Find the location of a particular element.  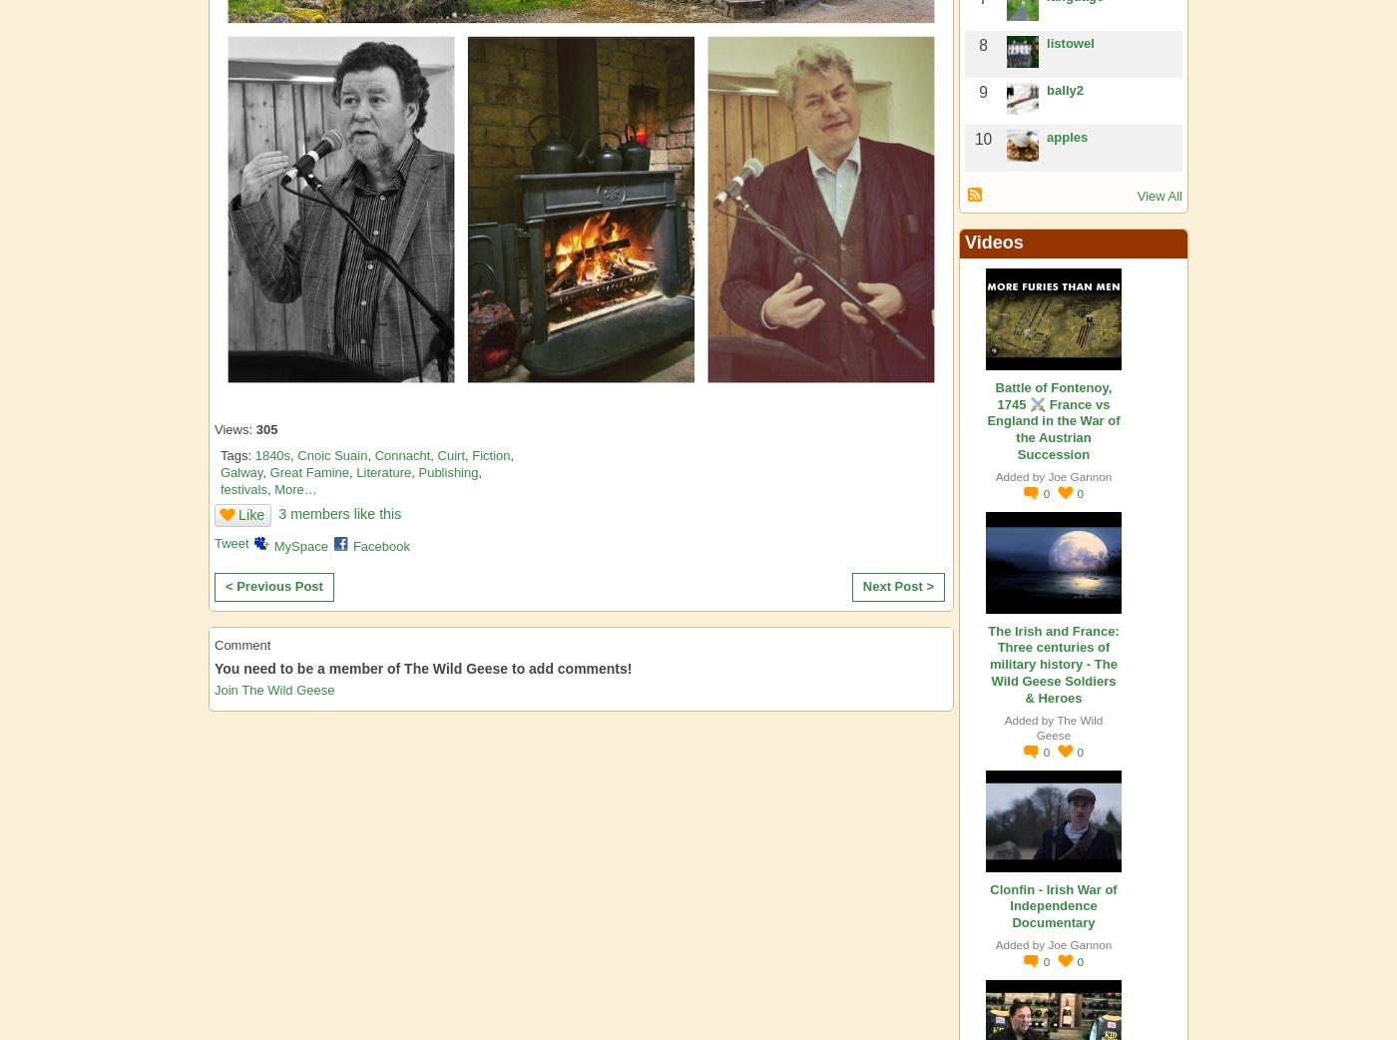

'listowel' is located at coordinates (1070, 42).